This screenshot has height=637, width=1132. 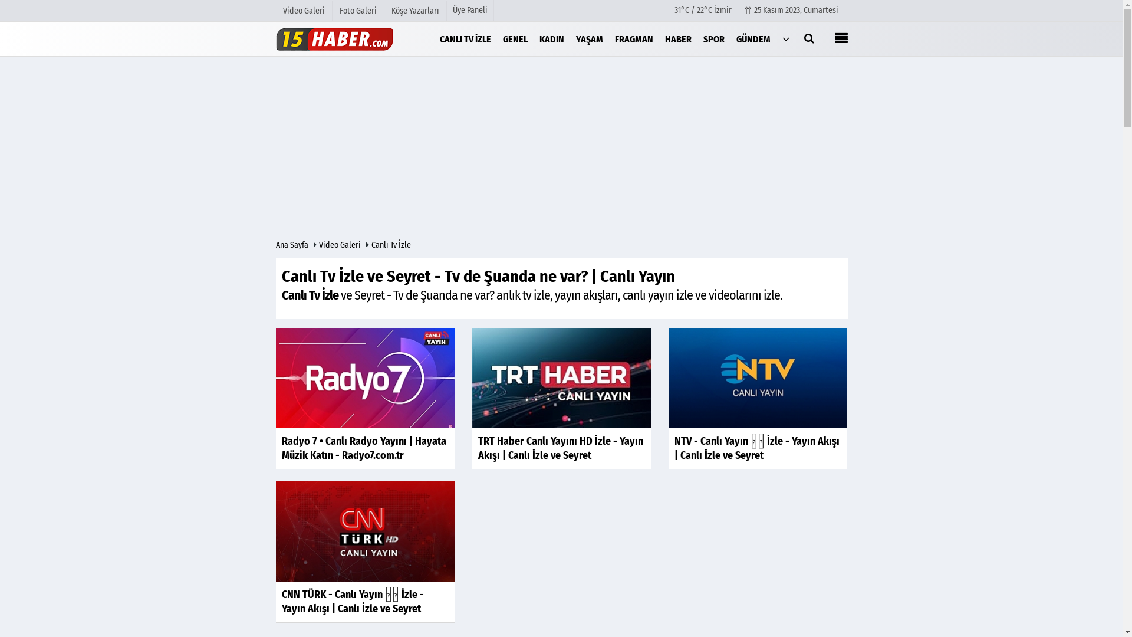 I want to click on 'Foto Galeri', so click(x=357, y=11).